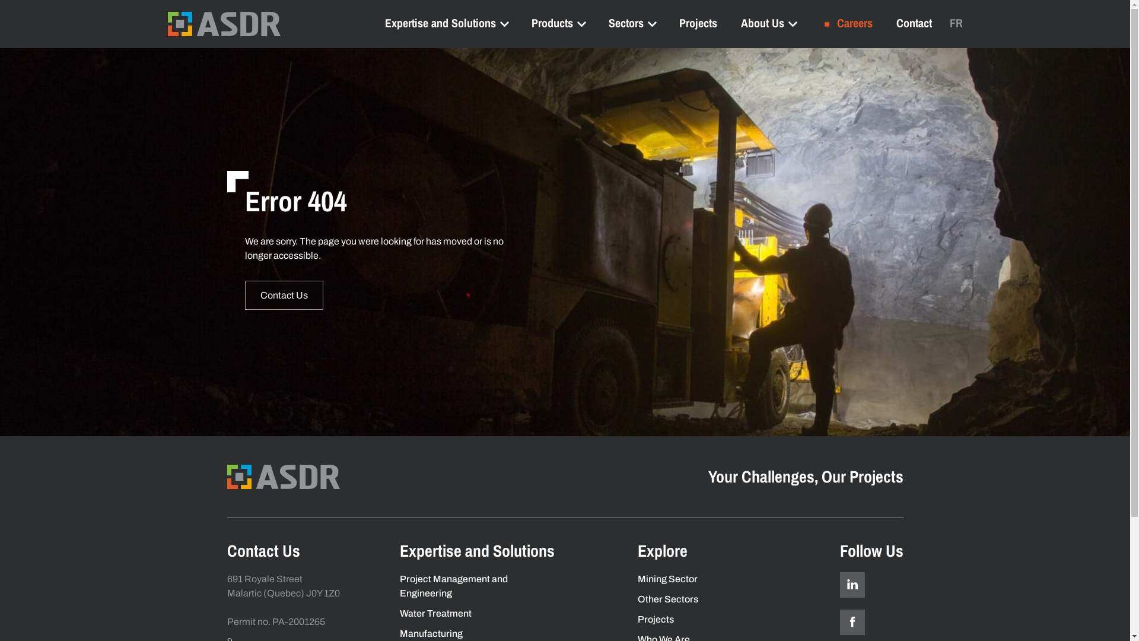 The height and width of the screenshot is (641, 1139). What do you see at coordinates (667, 578) in the screenshot?
I see `'Mining Sector'` at bounding box center [667, 578].